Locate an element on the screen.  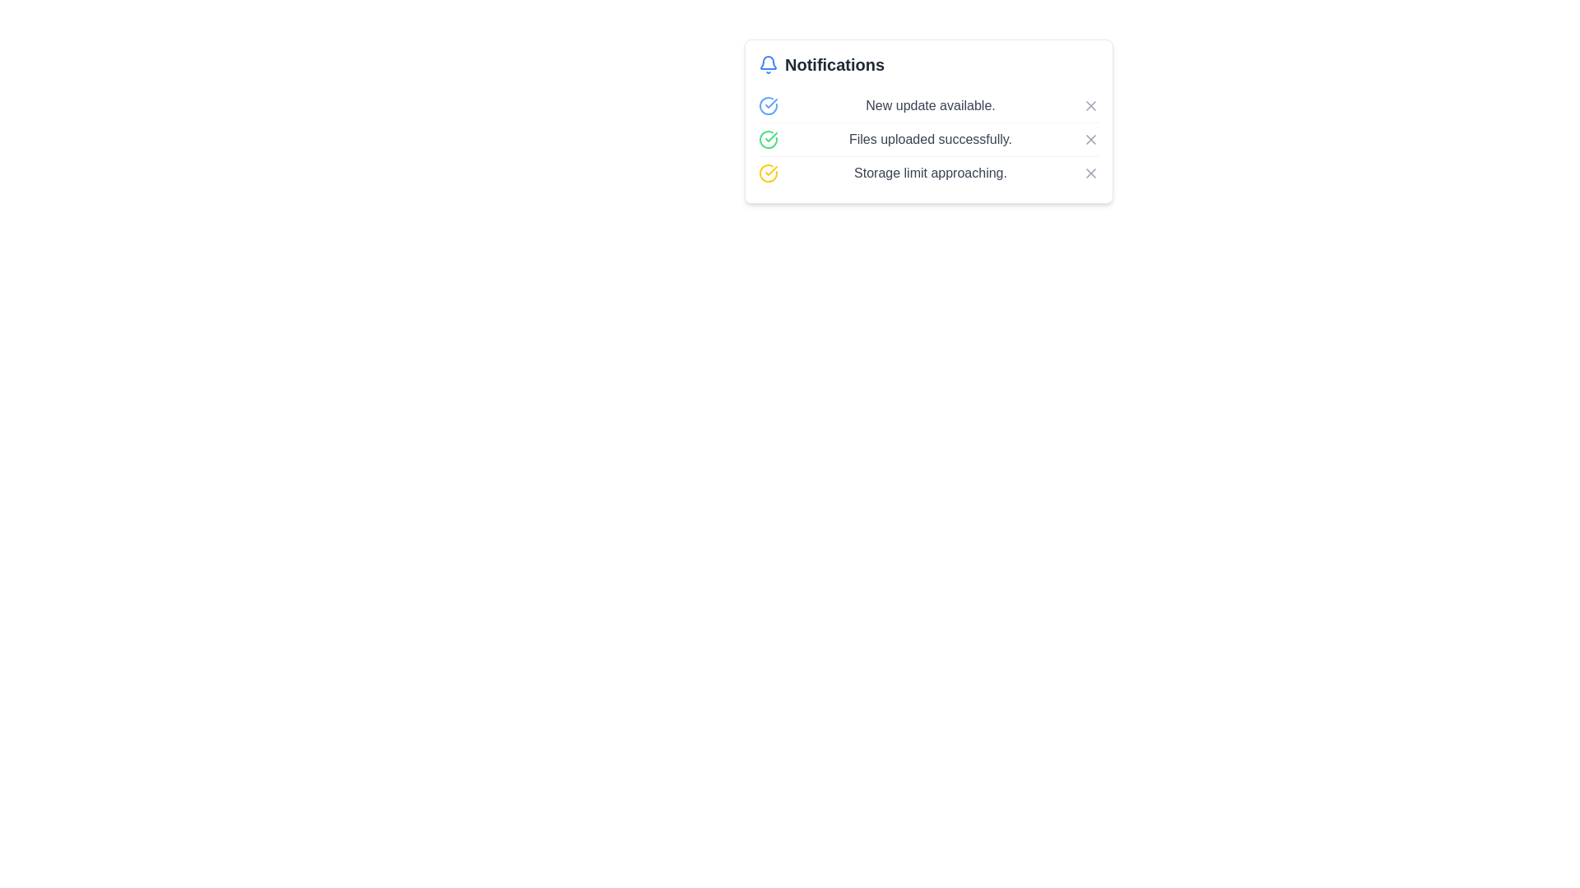
the Close icon segment of the notification panel, which is a small, tilted line segment part of an 'X' shape, located next to the text 'Files uploaded successfully.' is located at coordinates (1090, 138).